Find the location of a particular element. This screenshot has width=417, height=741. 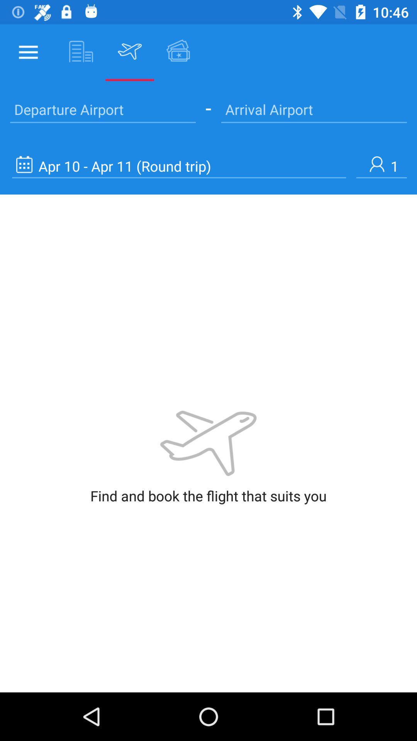

the field arrival airport is located at coordinates (314, 109).